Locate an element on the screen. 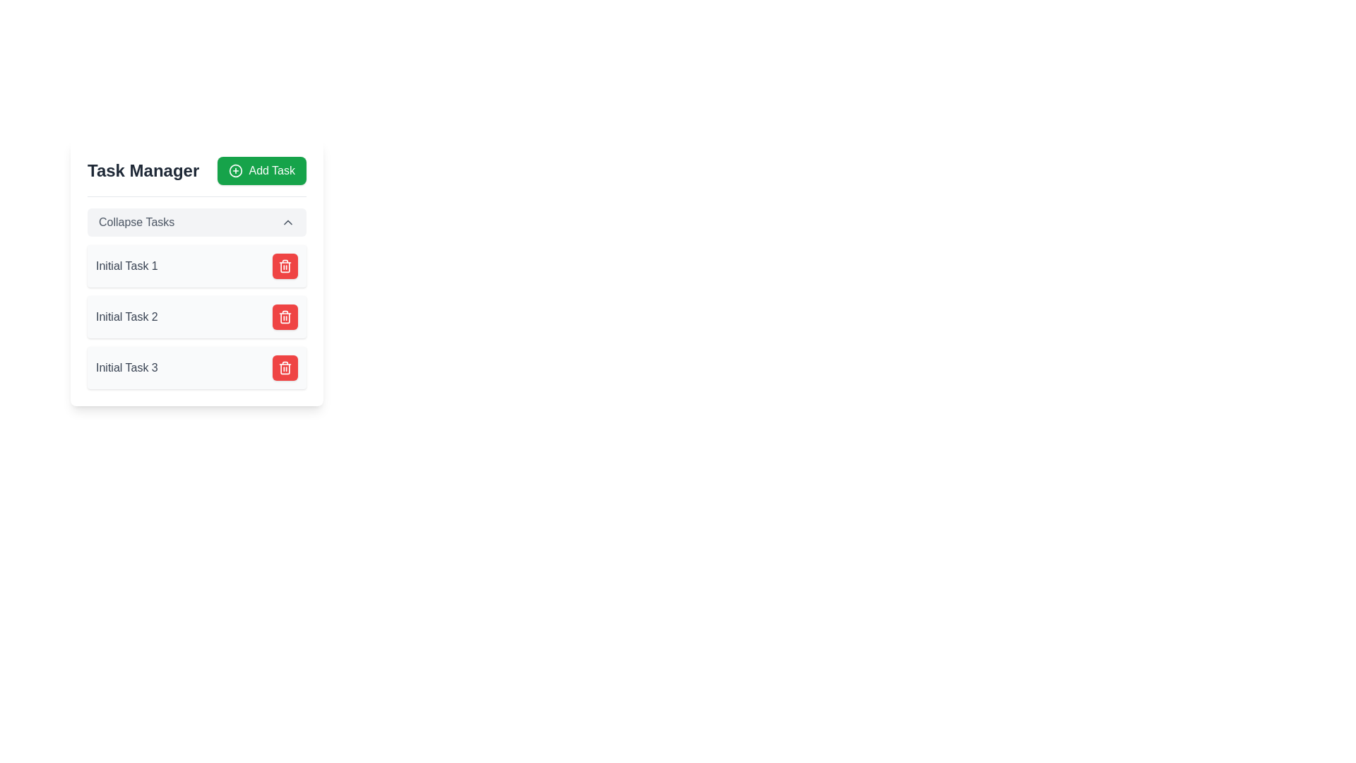 The height and width of the screenshot is (763, 1356). the 'Task Manager' label, which serves as a static heading for the section and is positioned to the left of the 'Add Task' button is located at coordinates (143, 170).